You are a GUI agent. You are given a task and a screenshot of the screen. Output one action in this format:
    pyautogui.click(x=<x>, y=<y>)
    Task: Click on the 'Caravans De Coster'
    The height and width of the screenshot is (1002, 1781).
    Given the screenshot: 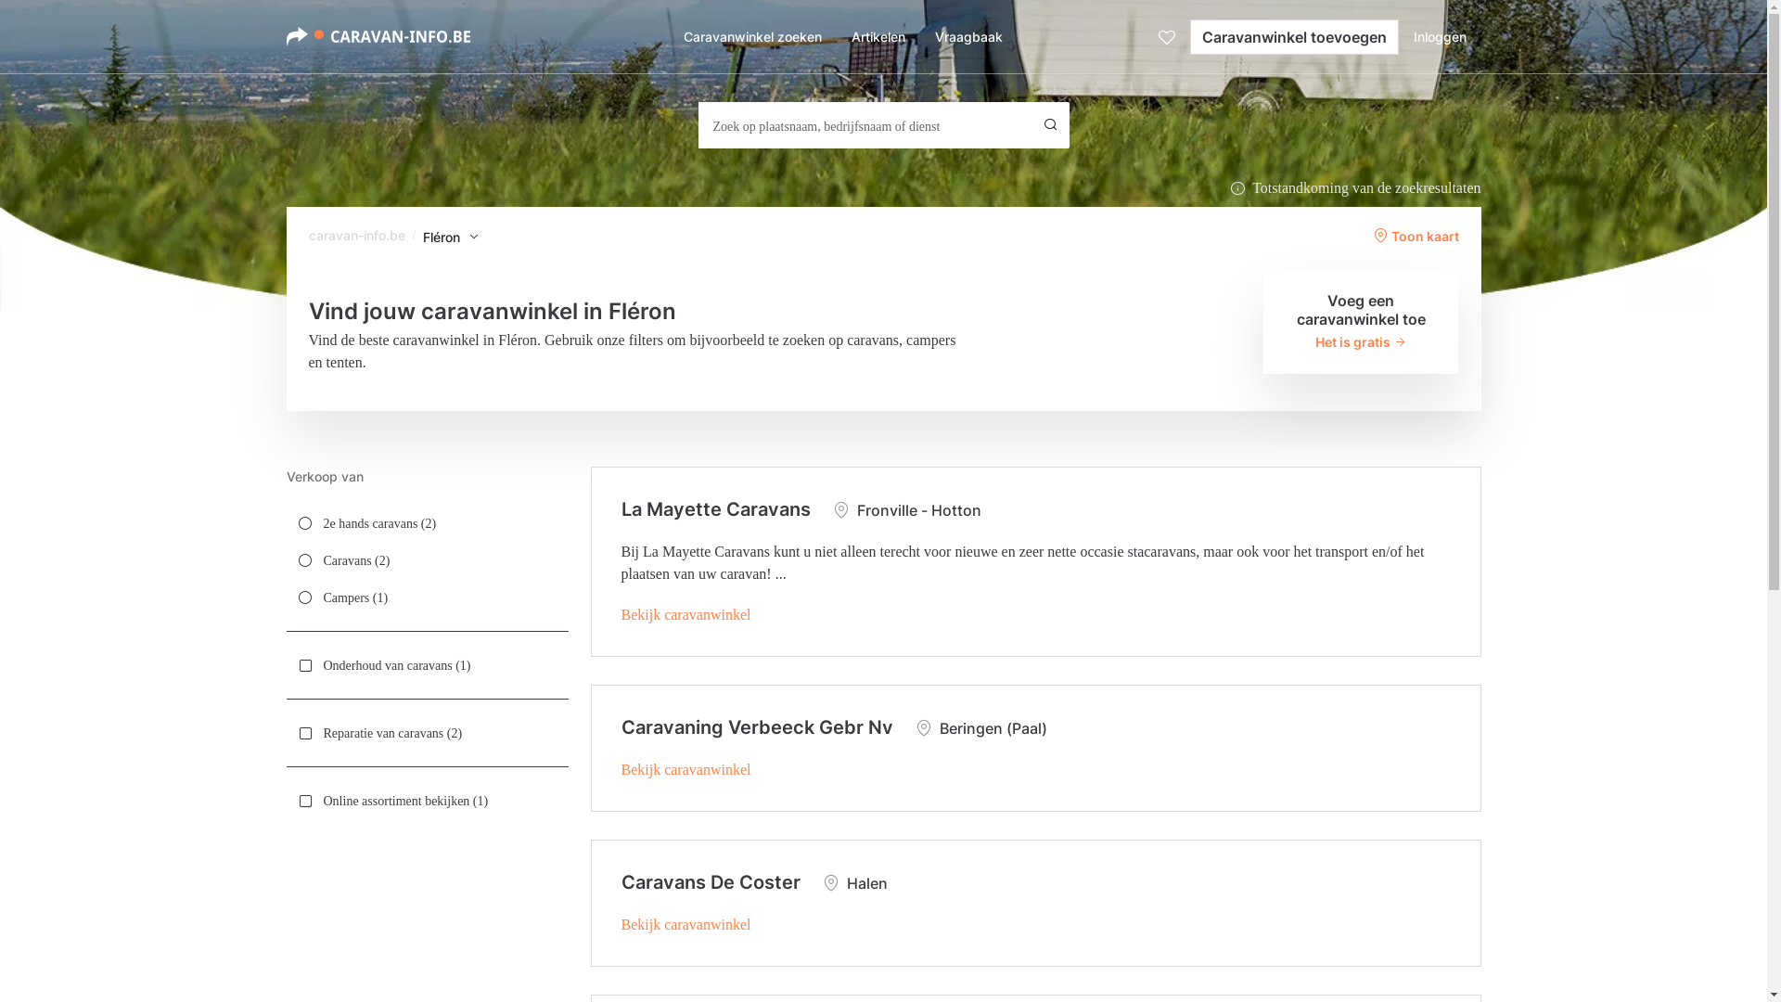 What is the action you would take?
    pyautogui.click(x=710, y=881)
    